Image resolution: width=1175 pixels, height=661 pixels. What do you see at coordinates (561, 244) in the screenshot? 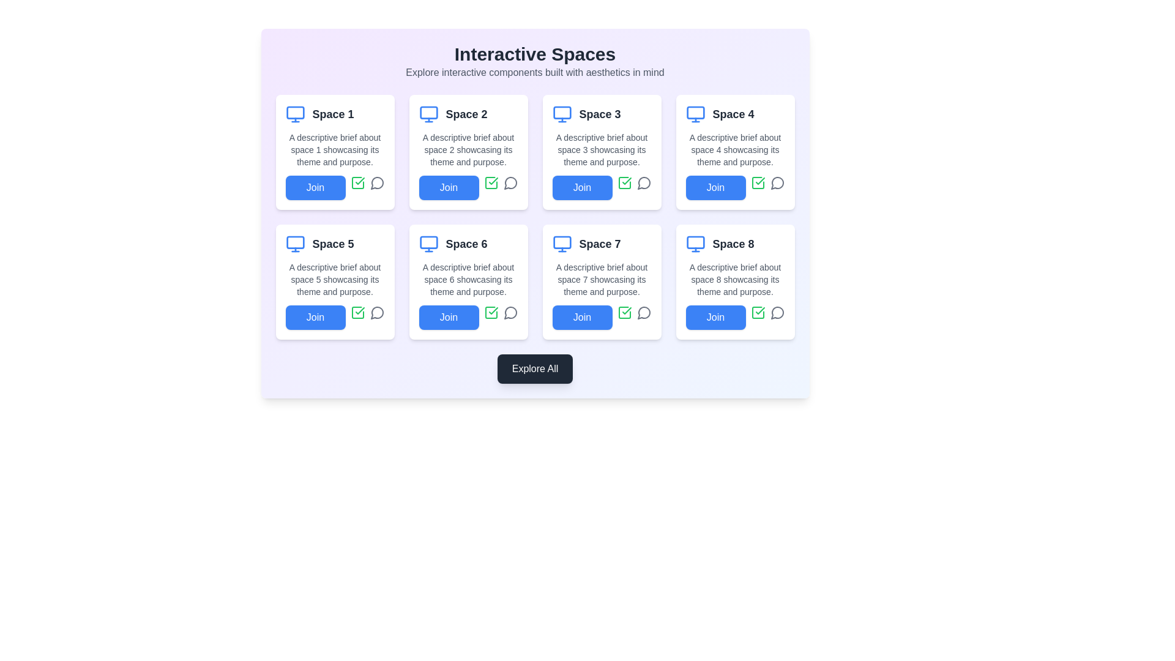
I see `the icon representing a monitor's functionality located near the top-left corner of the card labeled 'Space 7', positioned in the second row, third column, directly above the title text 'Space 7'` at bounding box center [561, 244].